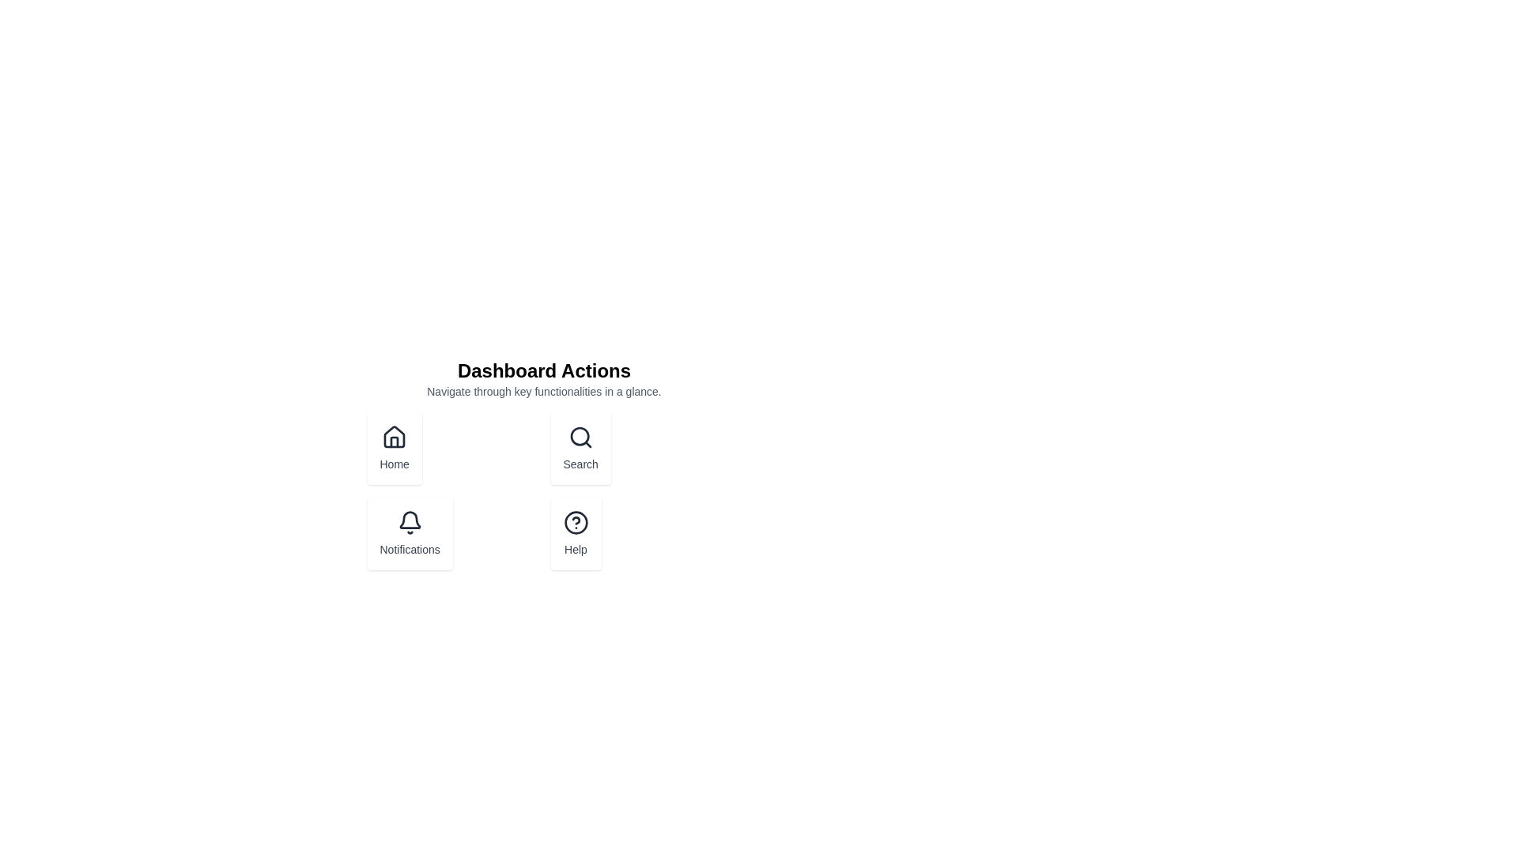 The height and width of the screenshot is (853, 1518). I want to click on the text block with the header 'Dashboard Actions' and subtext 'Navigate through key functionalities in a glance.', so click(544, 378).